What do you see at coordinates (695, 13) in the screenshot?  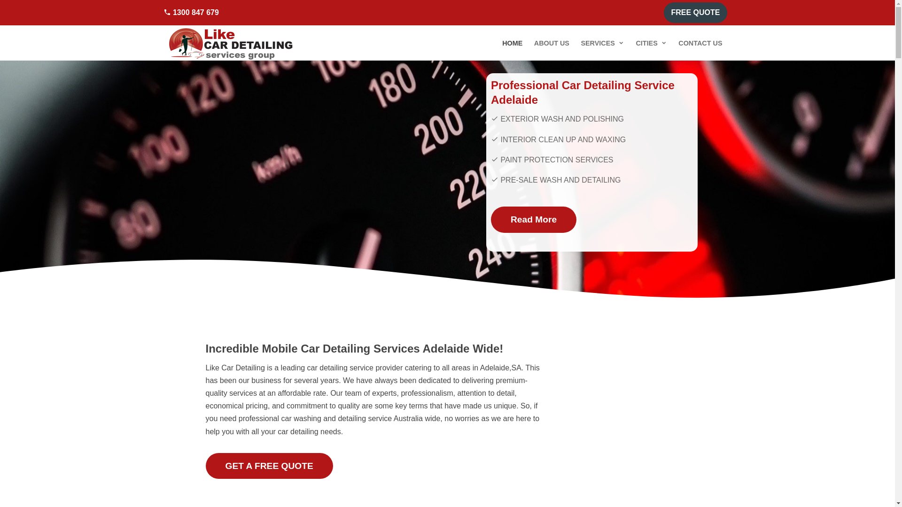 I see `'FREE QUOTE'` at bounding box center [695, 13].